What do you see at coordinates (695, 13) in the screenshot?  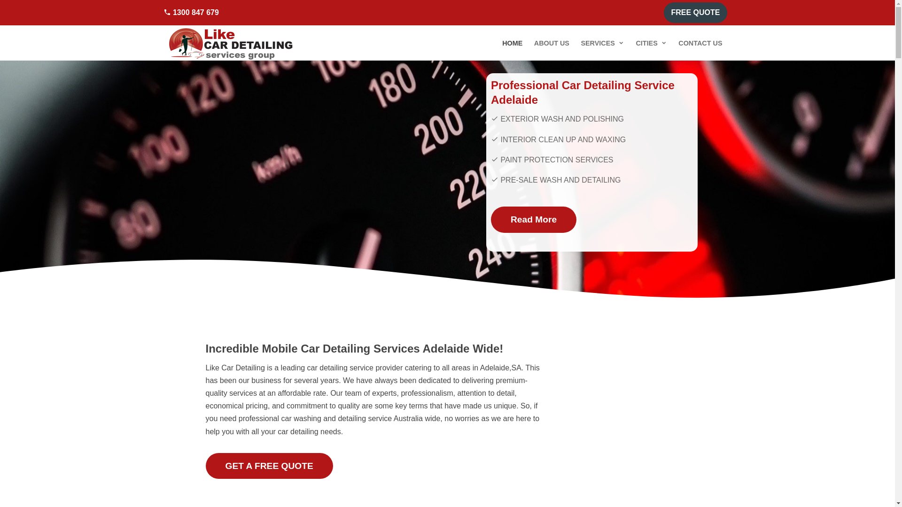 I see `'FREE QUOTE'` at bounding box center [695, 13].